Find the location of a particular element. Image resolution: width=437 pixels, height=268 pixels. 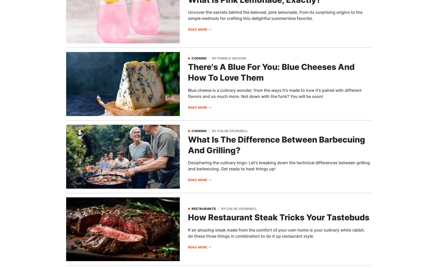

'There's A Blue For You: Blue Cheeses And How To Love Them' is located at coordinates (271, 72).